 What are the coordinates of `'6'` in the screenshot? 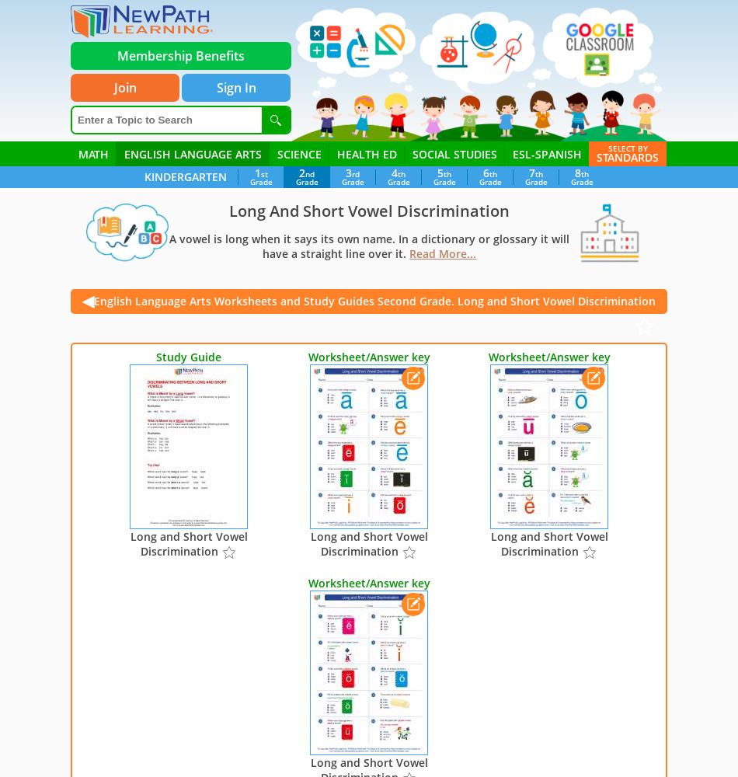 It's located at (486, 172).